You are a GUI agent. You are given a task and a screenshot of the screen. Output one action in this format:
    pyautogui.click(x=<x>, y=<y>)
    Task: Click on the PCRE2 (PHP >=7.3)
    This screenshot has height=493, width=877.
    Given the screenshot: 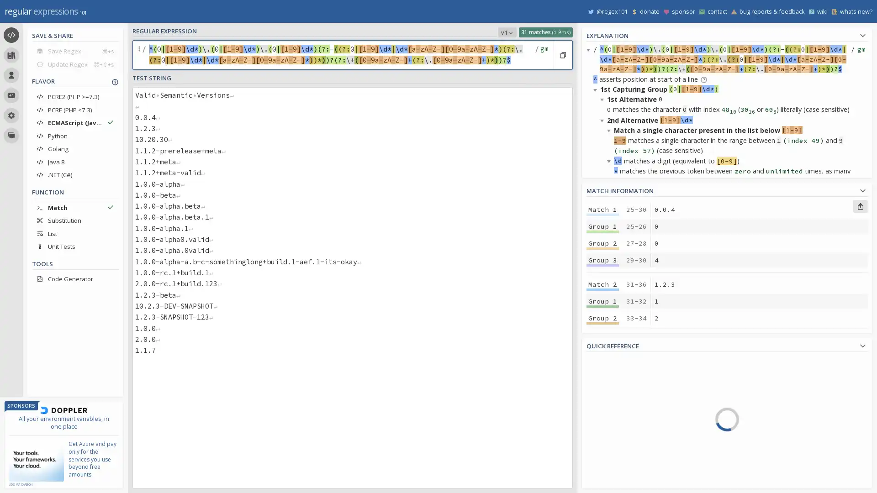 What is the action you would take?
    pyautogui.click(x=75, y=97)
    